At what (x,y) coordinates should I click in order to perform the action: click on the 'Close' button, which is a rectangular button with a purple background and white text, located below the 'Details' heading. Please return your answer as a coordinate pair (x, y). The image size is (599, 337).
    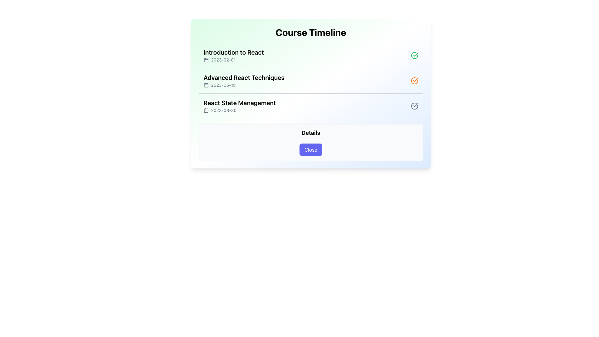
    Looking at the image, I should click on (311, 149).